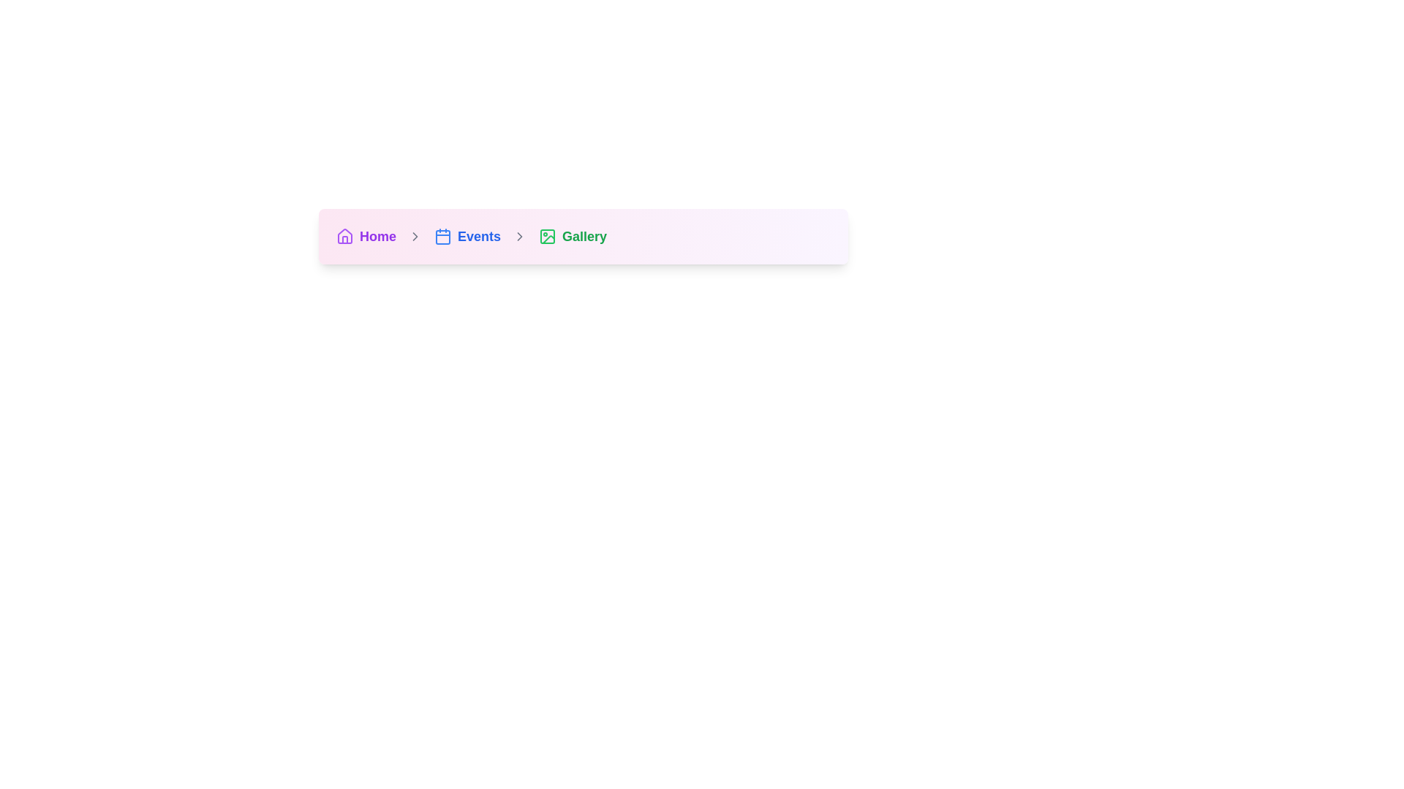  What do you see at coordinates (366, 236) in the screenshot?
I see `the 'Home' interactive link with a house icon, styled in purple and bold font, located at the leftmost side of the navigation bar` at bounding box center [366, 236].